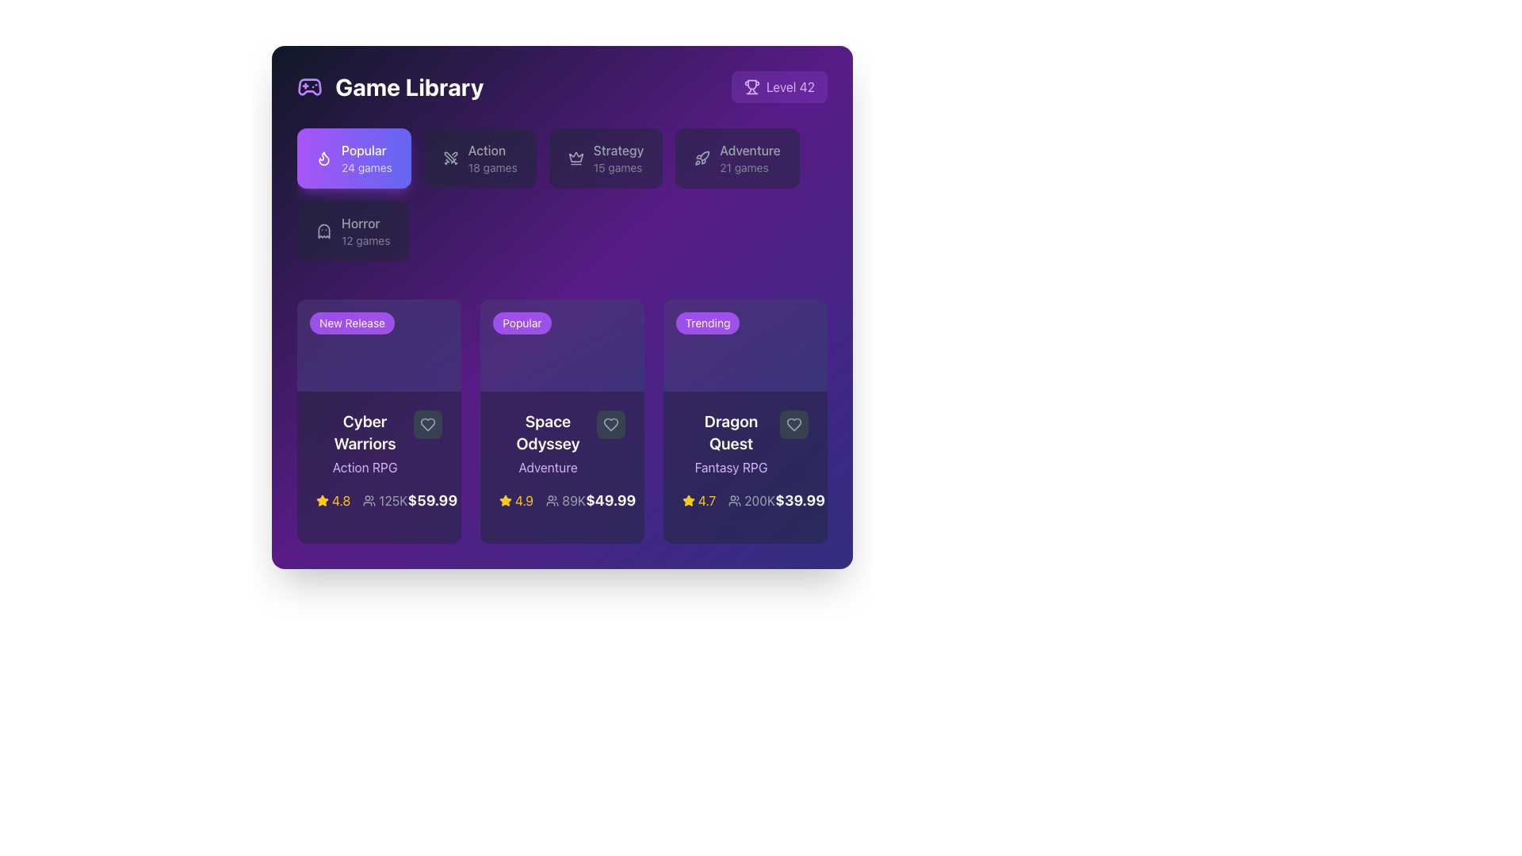  I want to click on the button labeled 'Action' that displays '18 games', so click(491, 159).